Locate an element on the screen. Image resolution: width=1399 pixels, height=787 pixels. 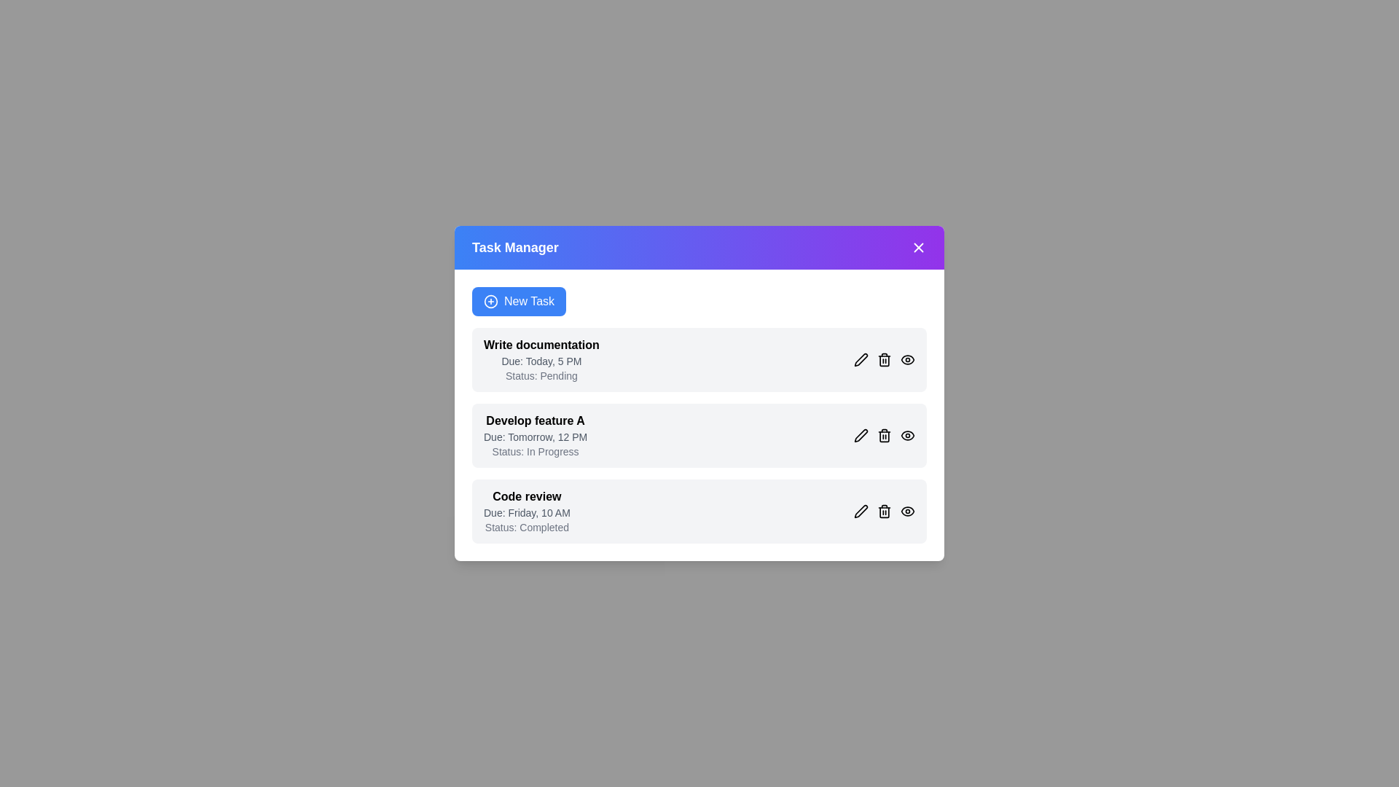
'Delete' button for the task titled 'Write documentation' is located at coordinates (884, 359).